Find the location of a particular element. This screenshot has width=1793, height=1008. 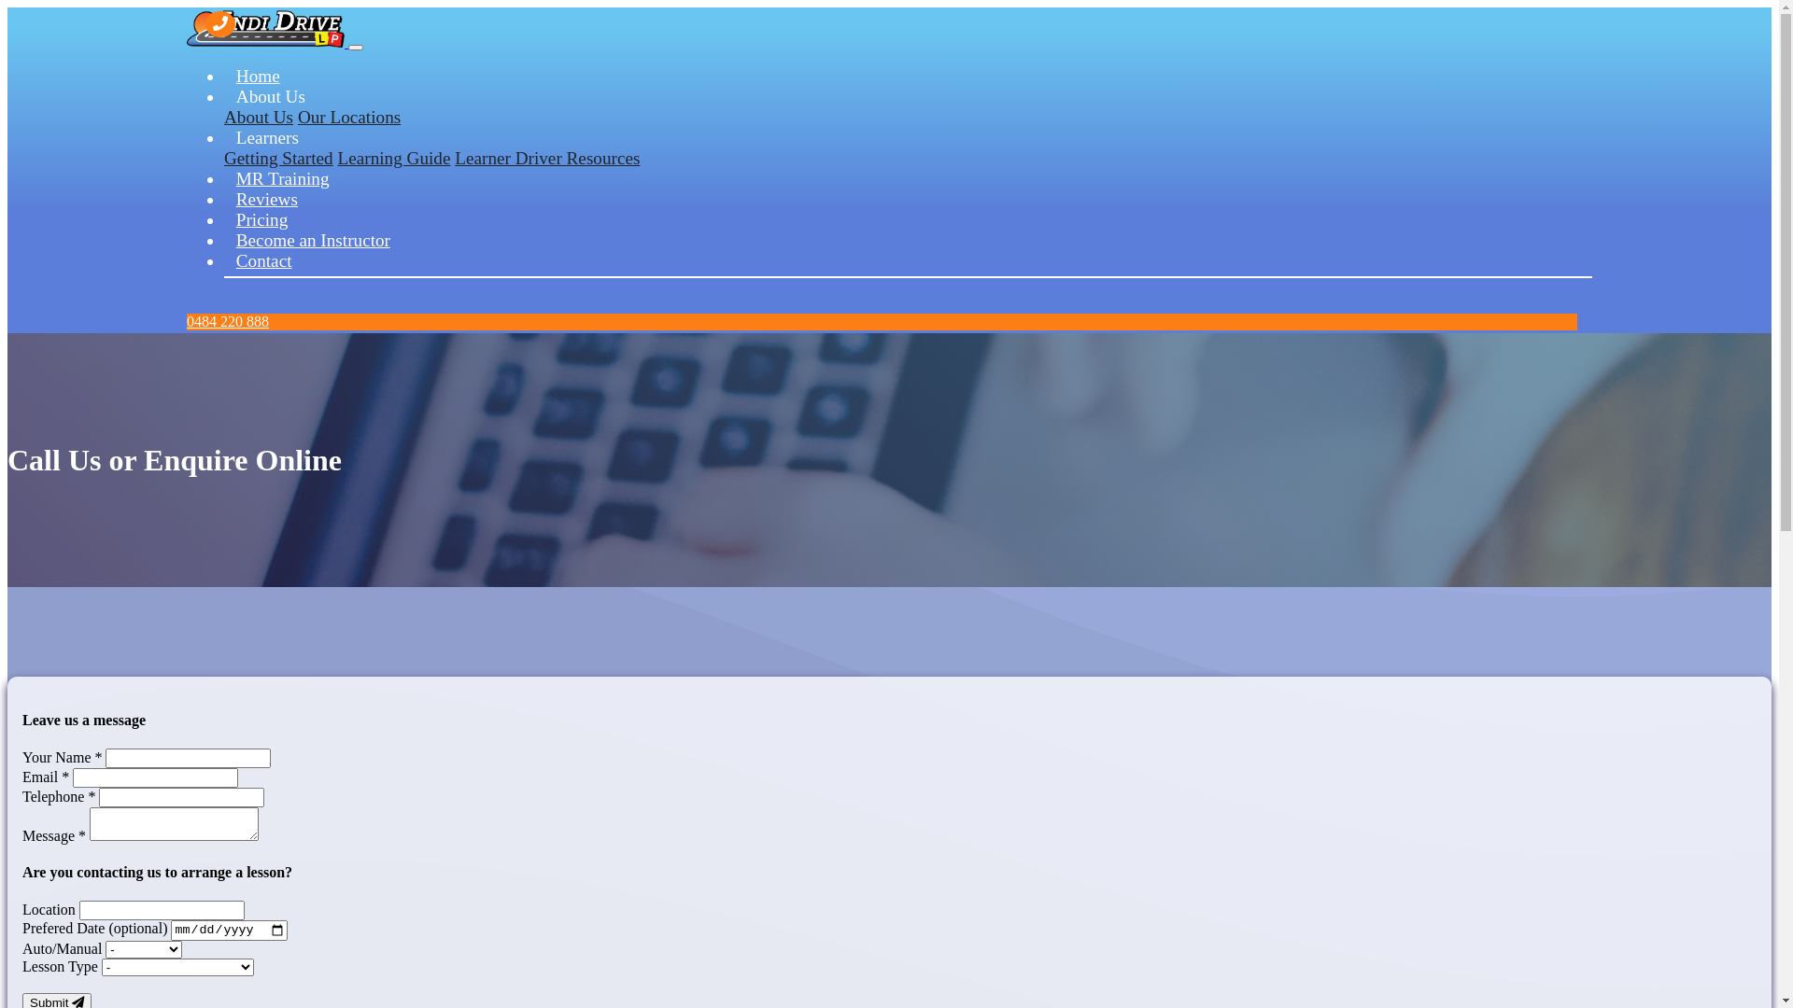

'Become an Instructor' is located at coordinates (313, 239).